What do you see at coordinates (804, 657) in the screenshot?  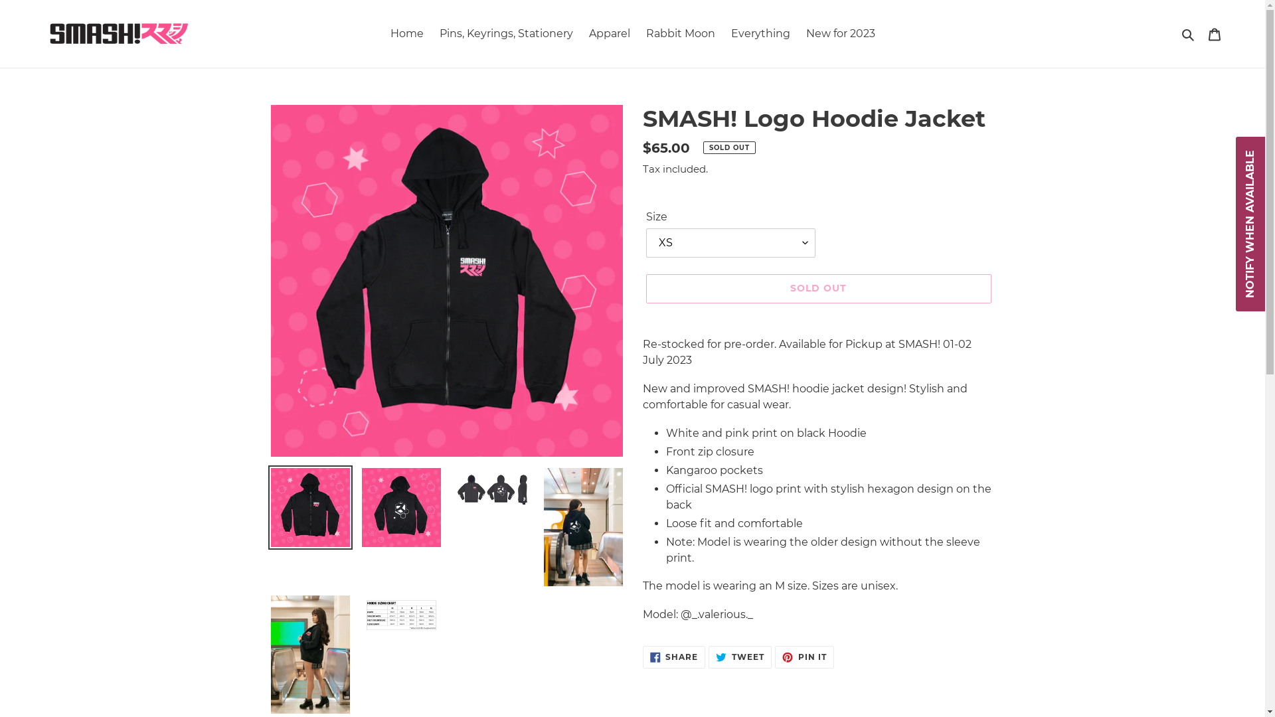 I see `'PIN IT` at bounding box center [804, 657].